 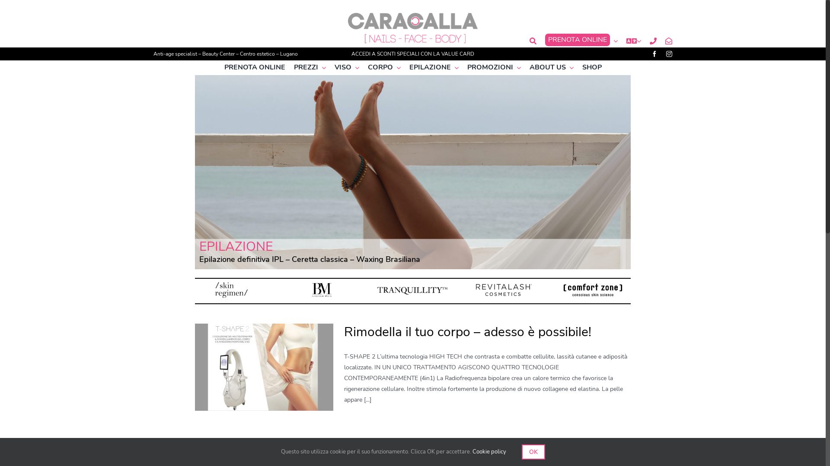 I want to click on 'PREZZI', so click(x=310, y=67).